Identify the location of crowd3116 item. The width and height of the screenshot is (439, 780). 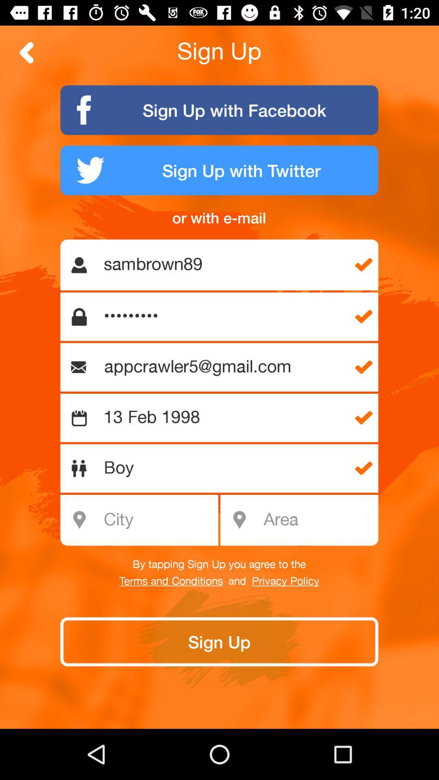
(224, 316).